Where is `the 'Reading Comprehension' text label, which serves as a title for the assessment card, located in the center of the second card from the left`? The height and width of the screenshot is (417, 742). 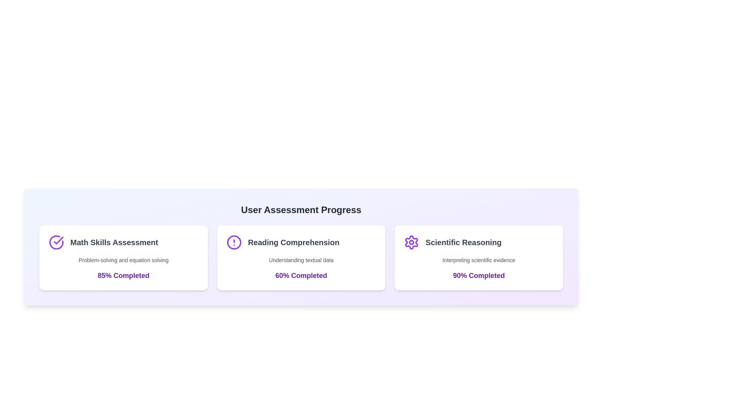 the 'Reading Comprehension' text label, which serves as a title for the assessment card, located in the center of the second card from the left is located at coordinates (293, 242).